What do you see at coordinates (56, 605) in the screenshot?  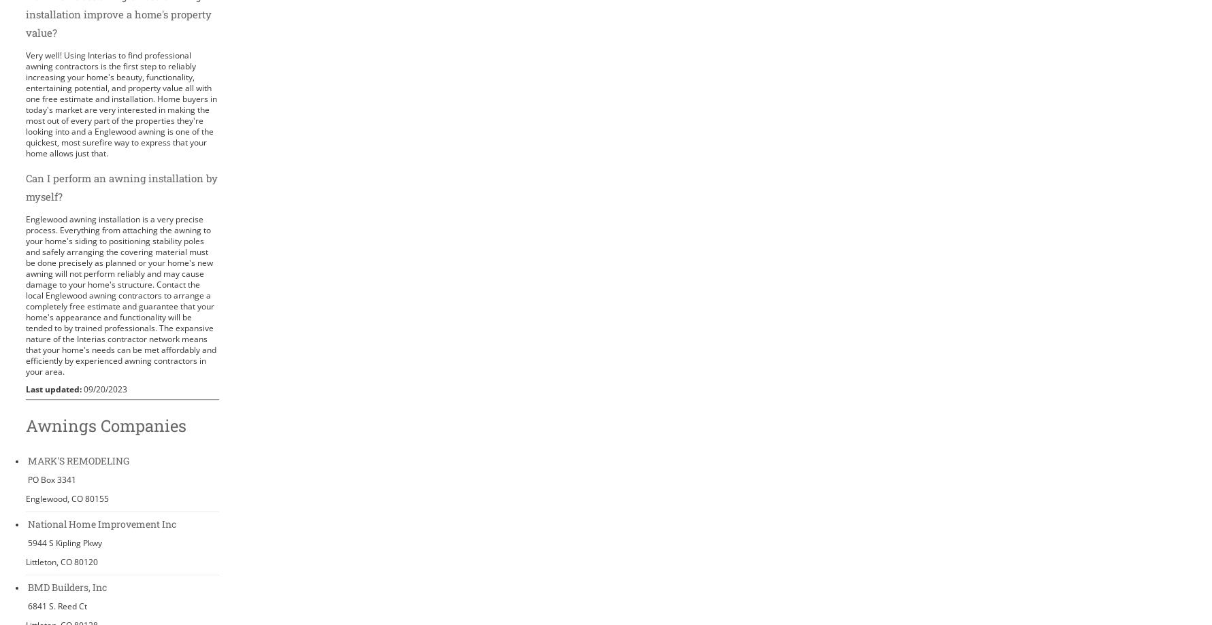 I see `'6841 S. Reed Ct'` at bounding box center [56, 605].